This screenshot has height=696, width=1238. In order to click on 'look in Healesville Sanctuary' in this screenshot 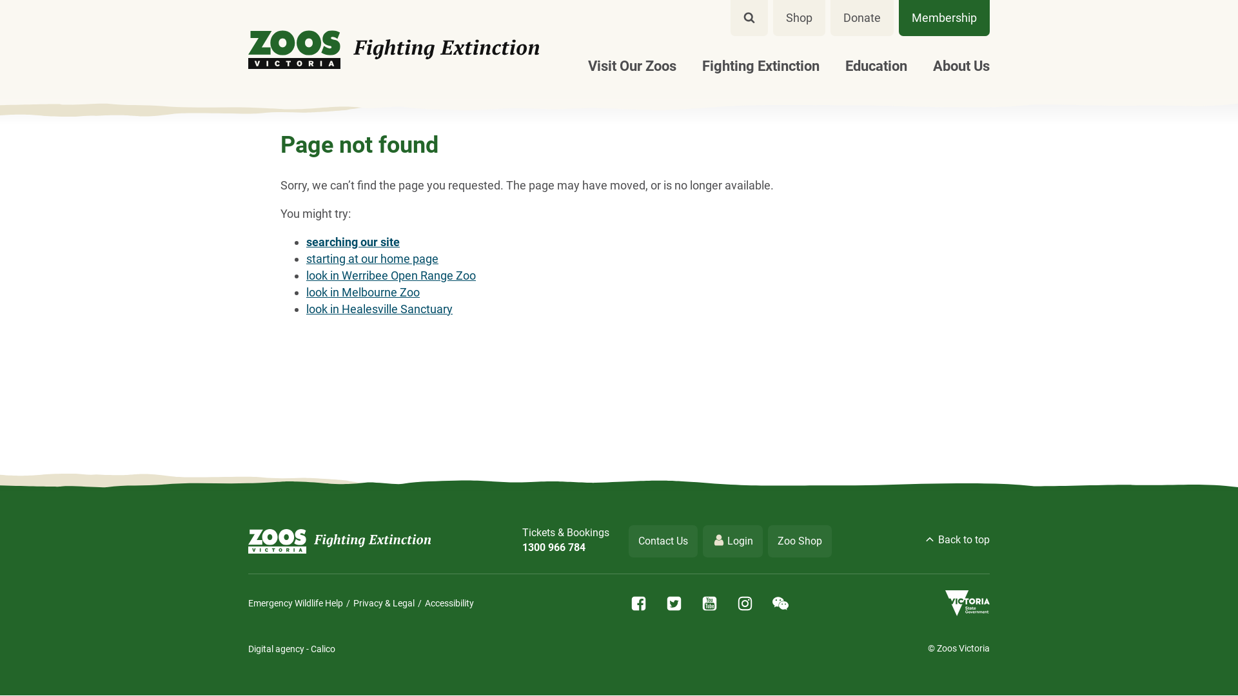, I will do `click(378, 309)`.